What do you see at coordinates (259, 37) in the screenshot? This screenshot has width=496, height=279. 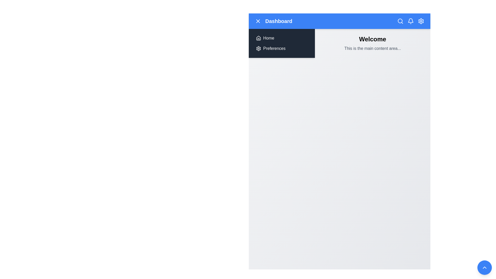 I see `the 'Home' icon located in the left-hand menu of the dropdown panel for navigation cues` at bounding box center [259, 37].